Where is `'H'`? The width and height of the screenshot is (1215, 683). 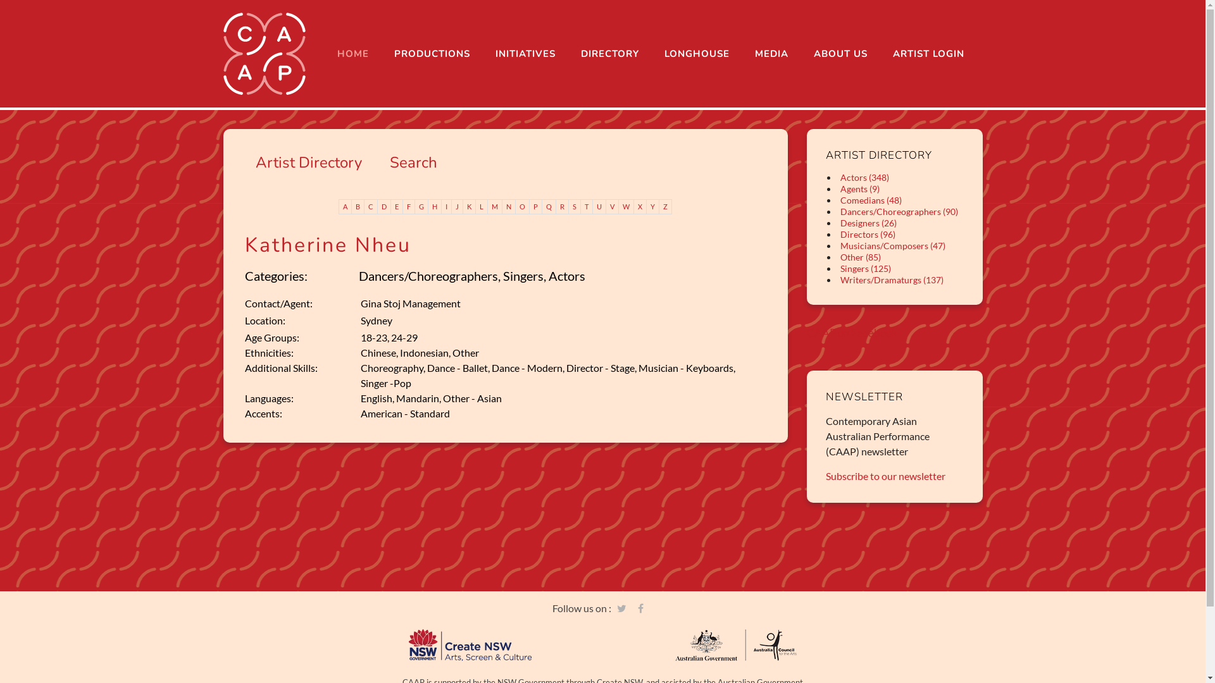 'H' is located at coordinates (428, 206).